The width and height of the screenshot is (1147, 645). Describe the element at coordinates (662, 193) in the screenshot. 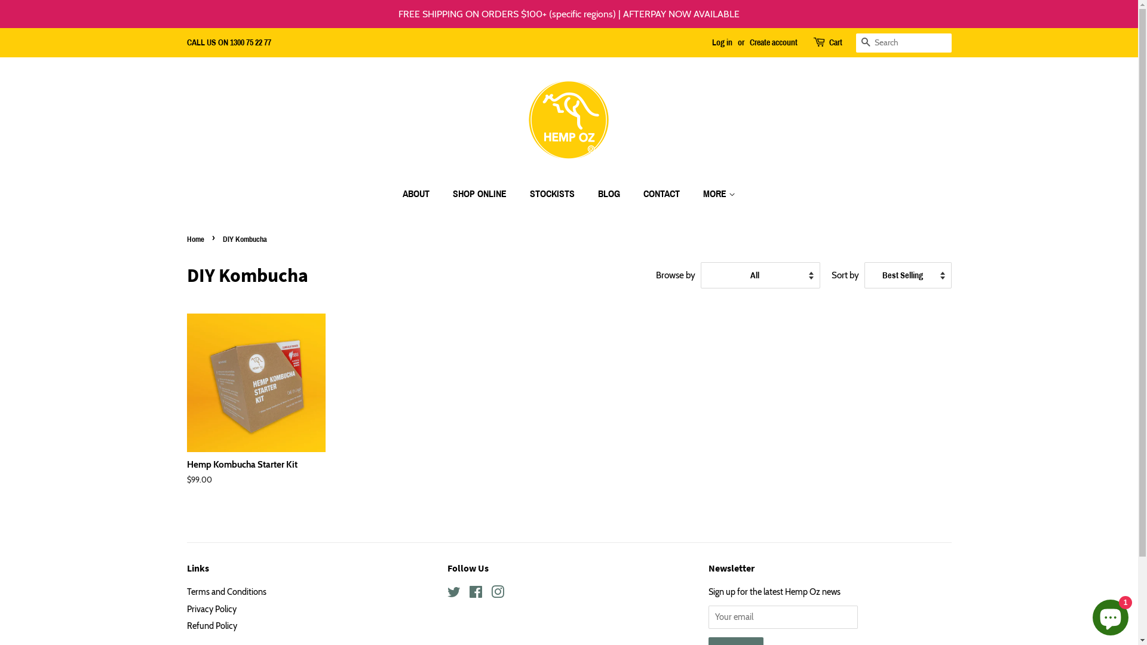

I see `'CONTACT'` at that location.